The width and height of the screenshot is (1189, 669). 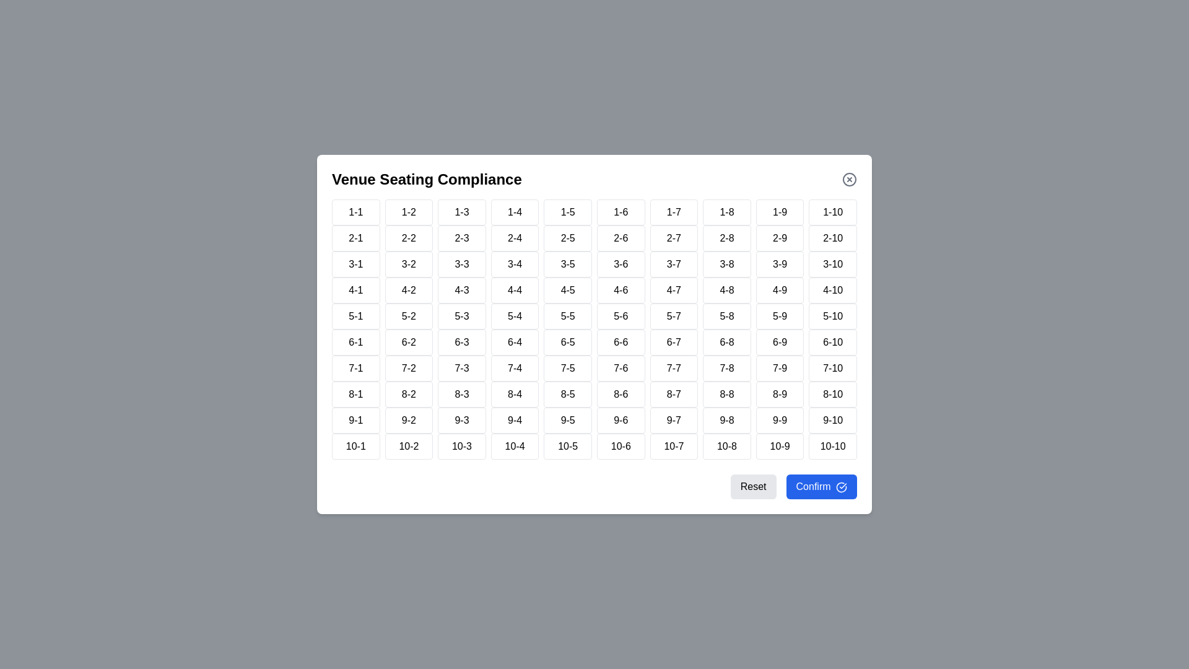 What do you see at coordinates (752, 486) in the screenshot?
I see `the 'Reset' button to reset the selected seat` at bounding box center [752, 486].